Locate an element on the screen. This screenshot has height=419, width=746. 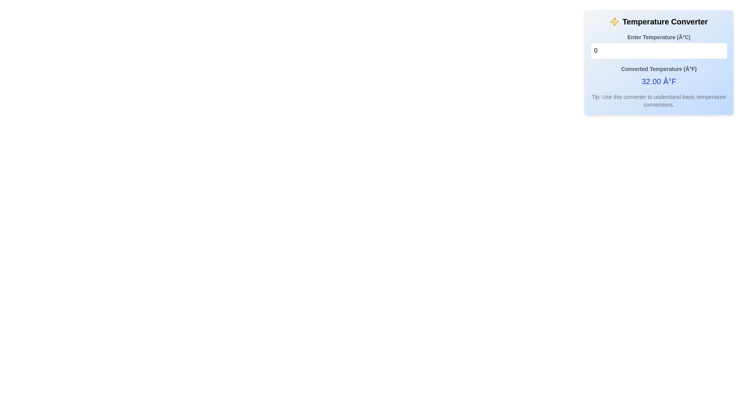
the Static Display Text that shows the converted temperature result, which includes the label 'Converted Temperature (°F)' and the temperature value '32.00 °F' is located at coordinates (658, 76).